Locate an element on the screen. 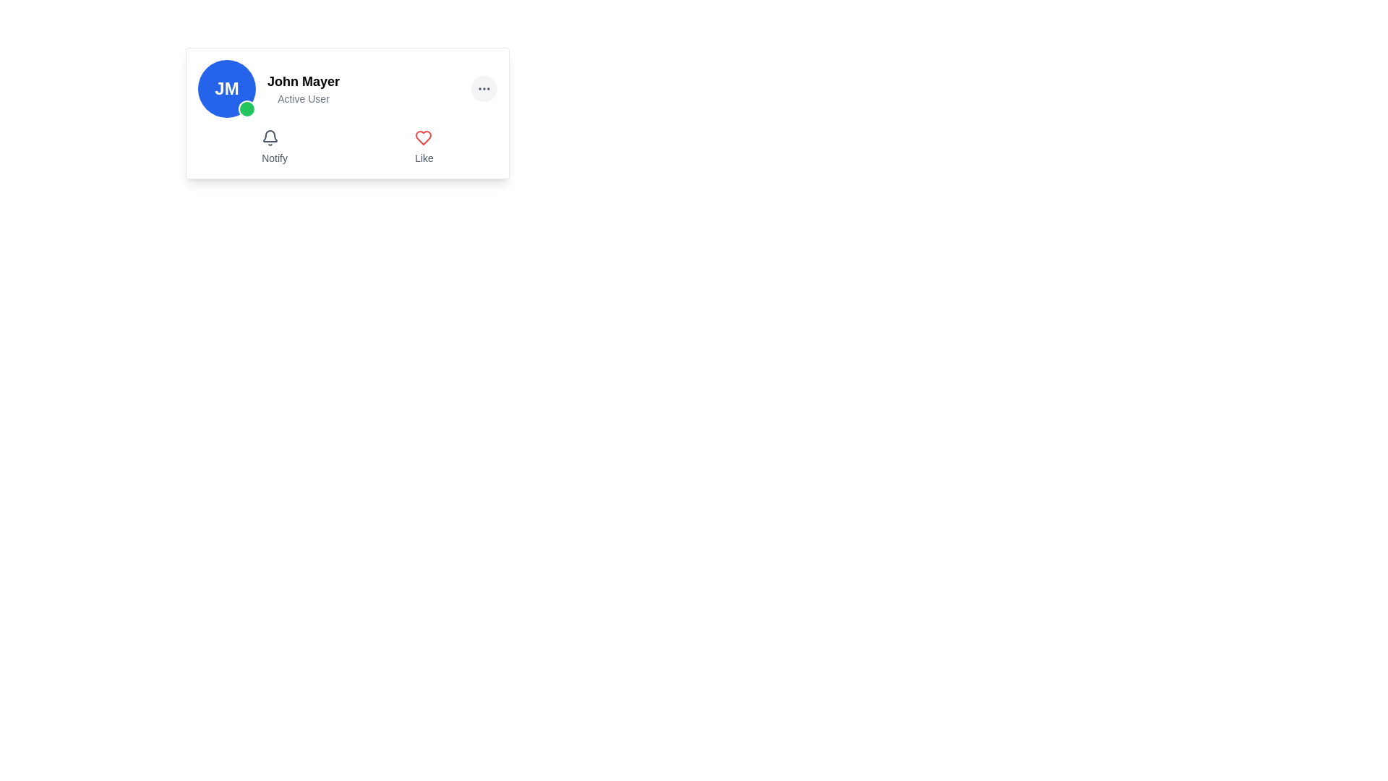 The image size is (1388, 781). the green circular badge located at the bottom-right corner of the circular avatar containing the initials 'JM' is located at coordinates (247, 108).